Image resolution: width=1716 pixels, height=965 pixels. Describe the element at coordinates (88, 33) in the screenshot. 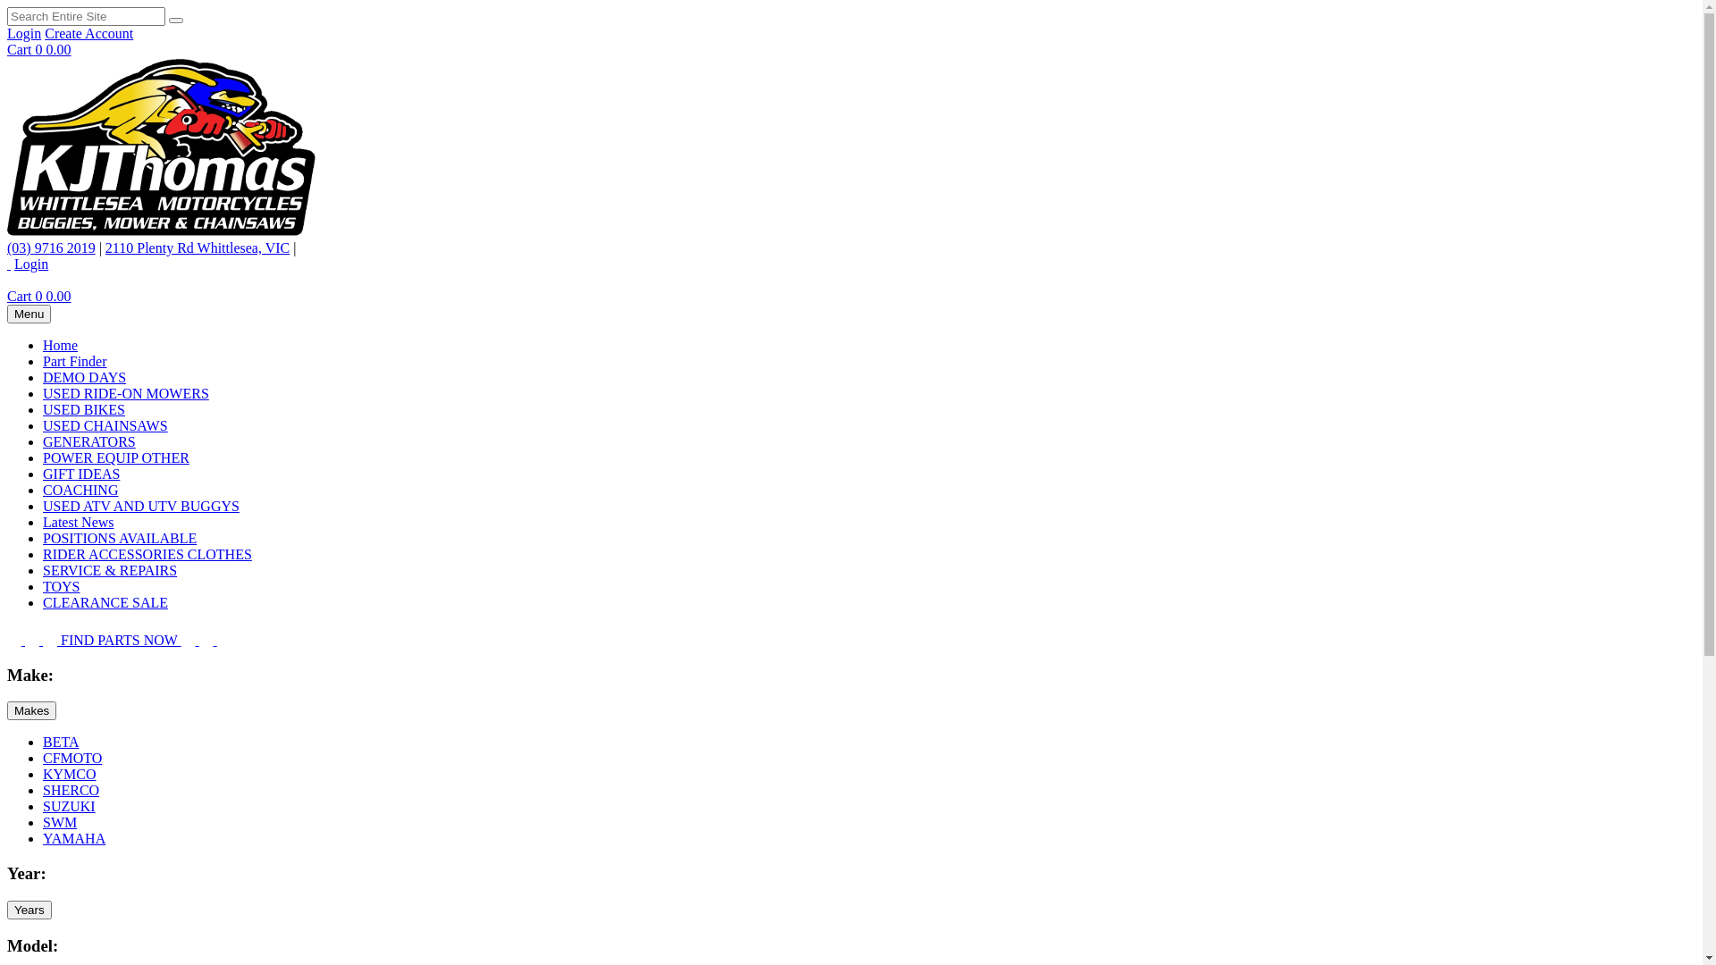

I see `'Create Account'` at that location.